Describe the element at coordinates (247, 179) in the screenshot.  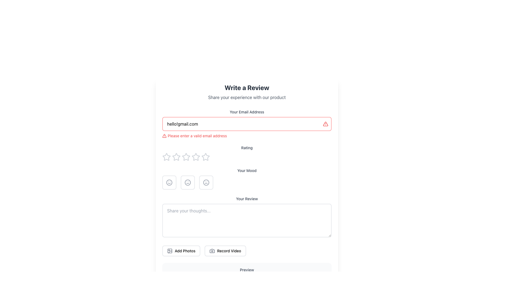
I see `one of the mood icons in the Mood selector component, which is centrally positioned below the 'Rating' section and above the 'Your Review' section, containing icons for smiley, neutral, and frown faces` at that location.